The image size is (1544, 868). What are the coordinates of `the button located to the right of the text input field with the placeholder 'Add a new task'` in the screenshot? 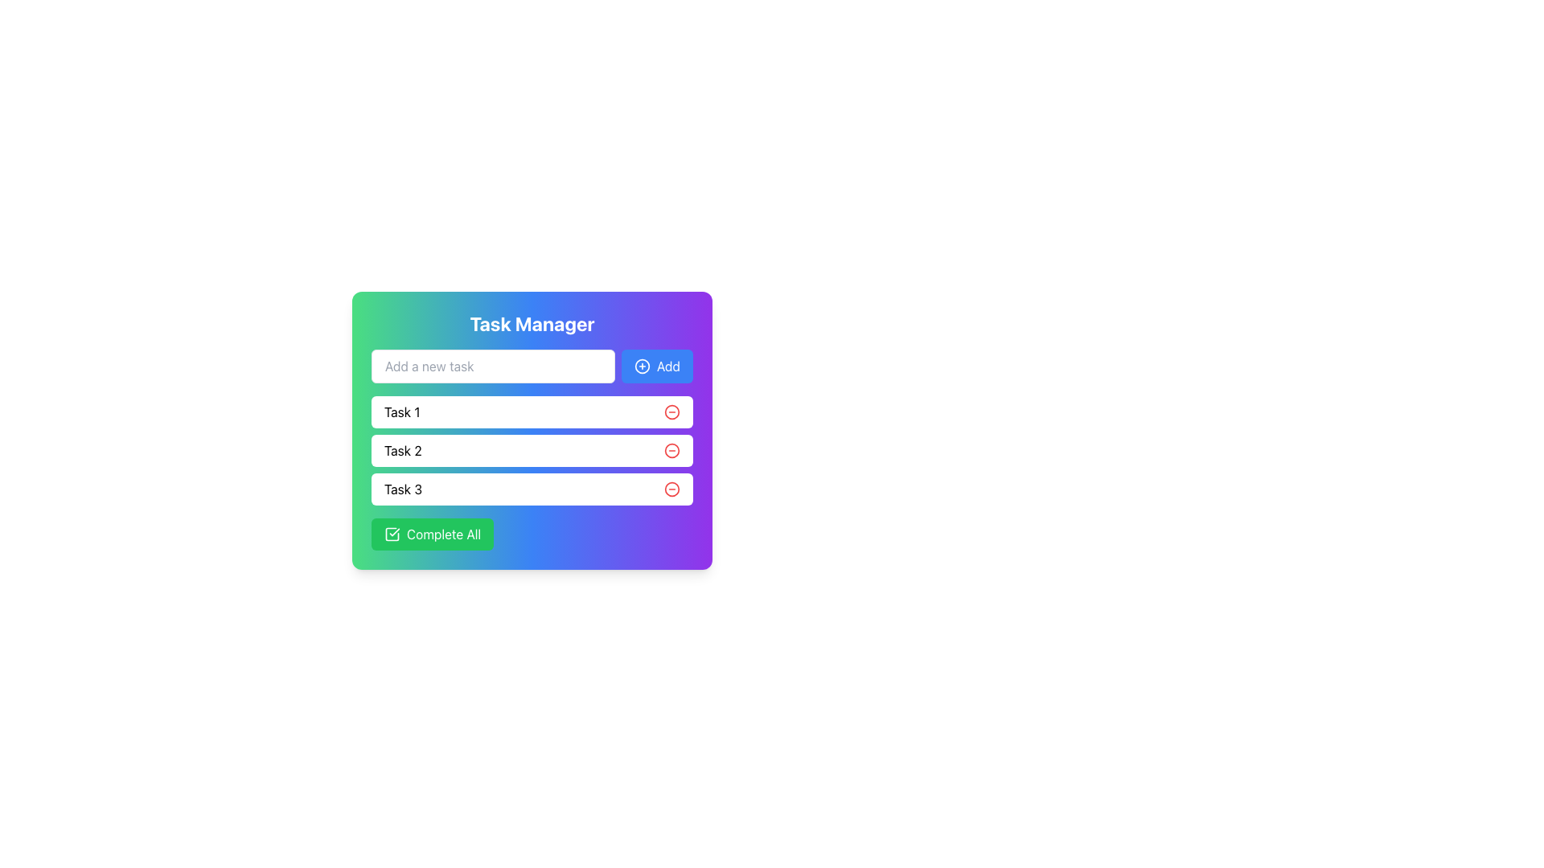 It's located at (657, 366).